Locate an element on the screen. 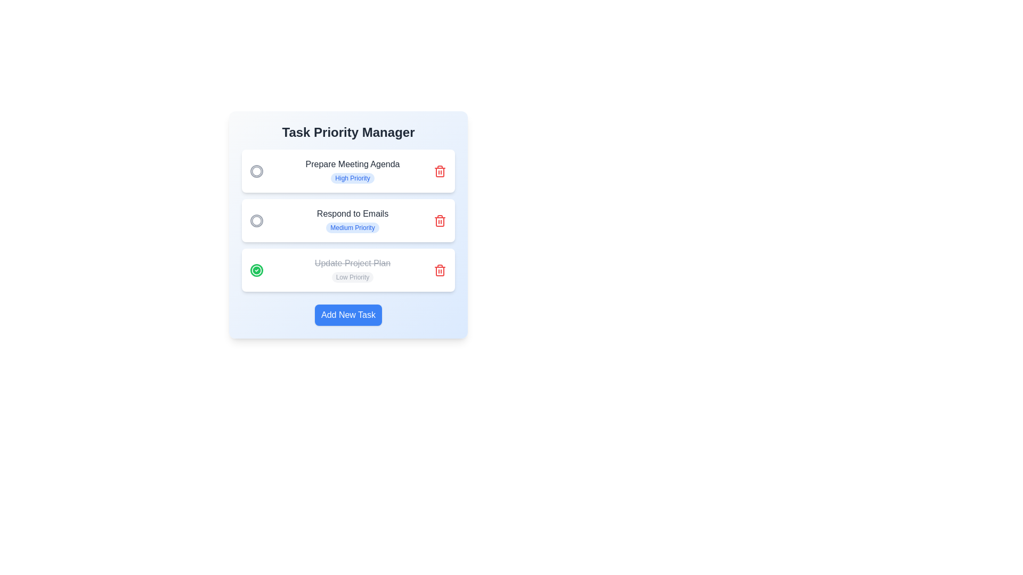  the 'Low Priority' label located at the bottom section of the task card interface under the strikethrough text 'Update Project Plan' is located at coordinates (353, 276).